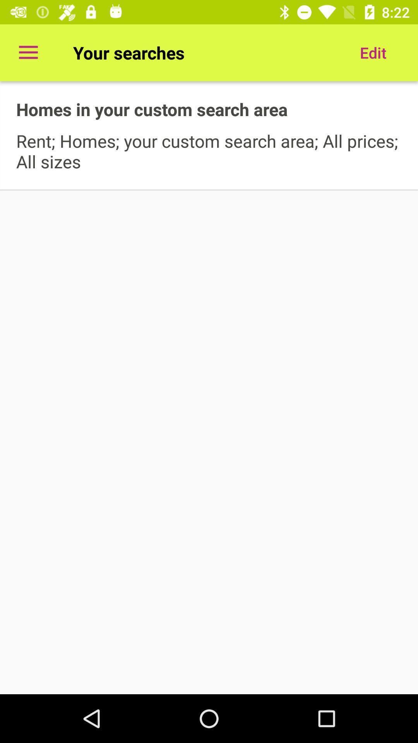 Image resolution: width=418 pixels, height=743 pixels. I want to click on edit icon, so click(373, 52).